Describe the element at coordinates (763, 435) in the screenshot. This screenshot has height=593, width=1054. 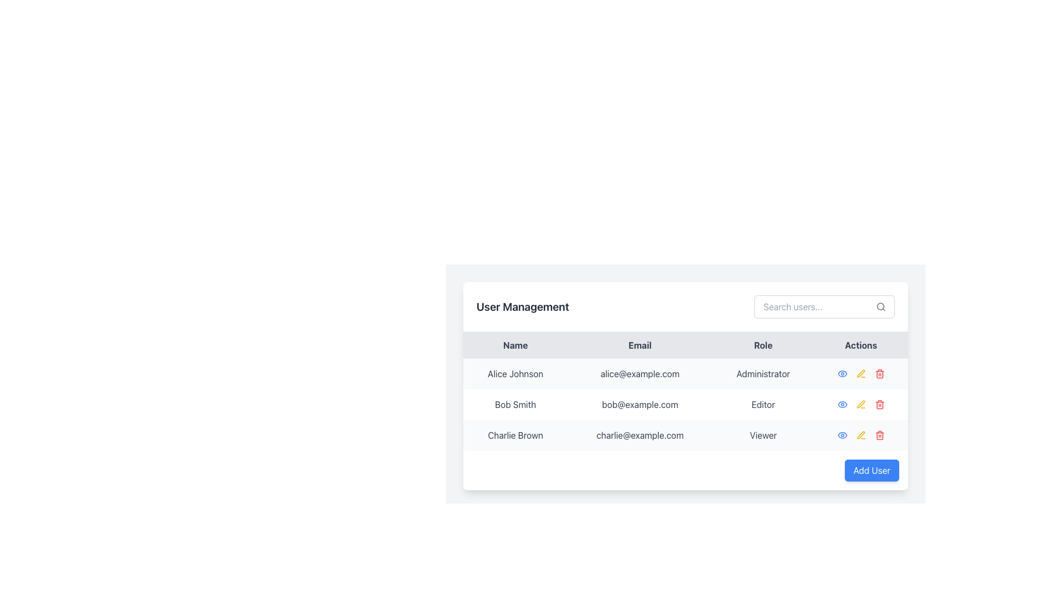
I see `the text label displaying the user's role in the third row under the 'Role' column of the data table` at that location.